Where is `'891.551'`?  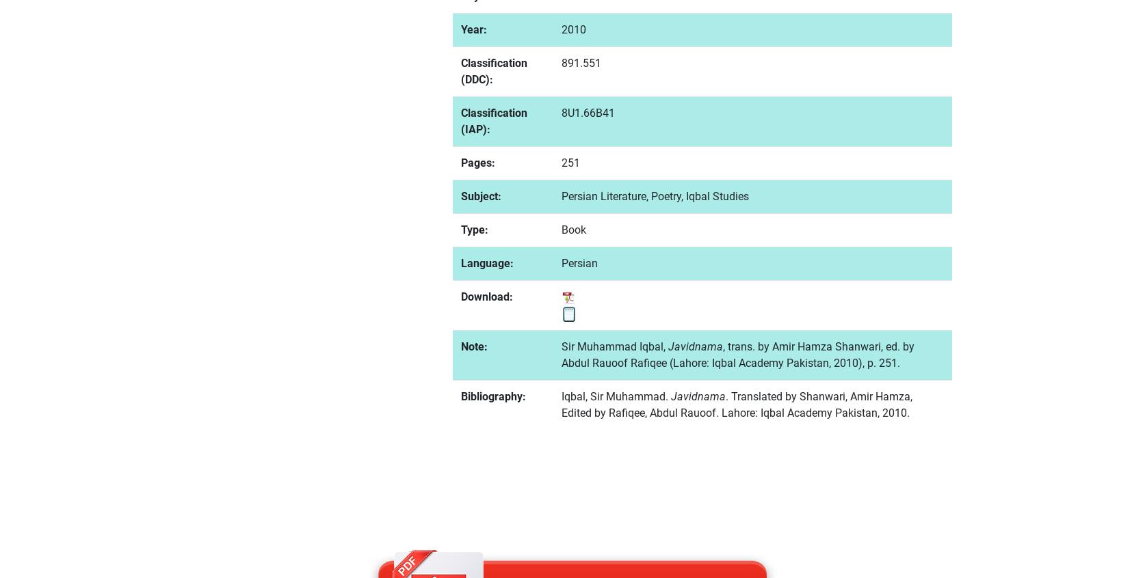
'891.551' is located at coordinates (560, 62).